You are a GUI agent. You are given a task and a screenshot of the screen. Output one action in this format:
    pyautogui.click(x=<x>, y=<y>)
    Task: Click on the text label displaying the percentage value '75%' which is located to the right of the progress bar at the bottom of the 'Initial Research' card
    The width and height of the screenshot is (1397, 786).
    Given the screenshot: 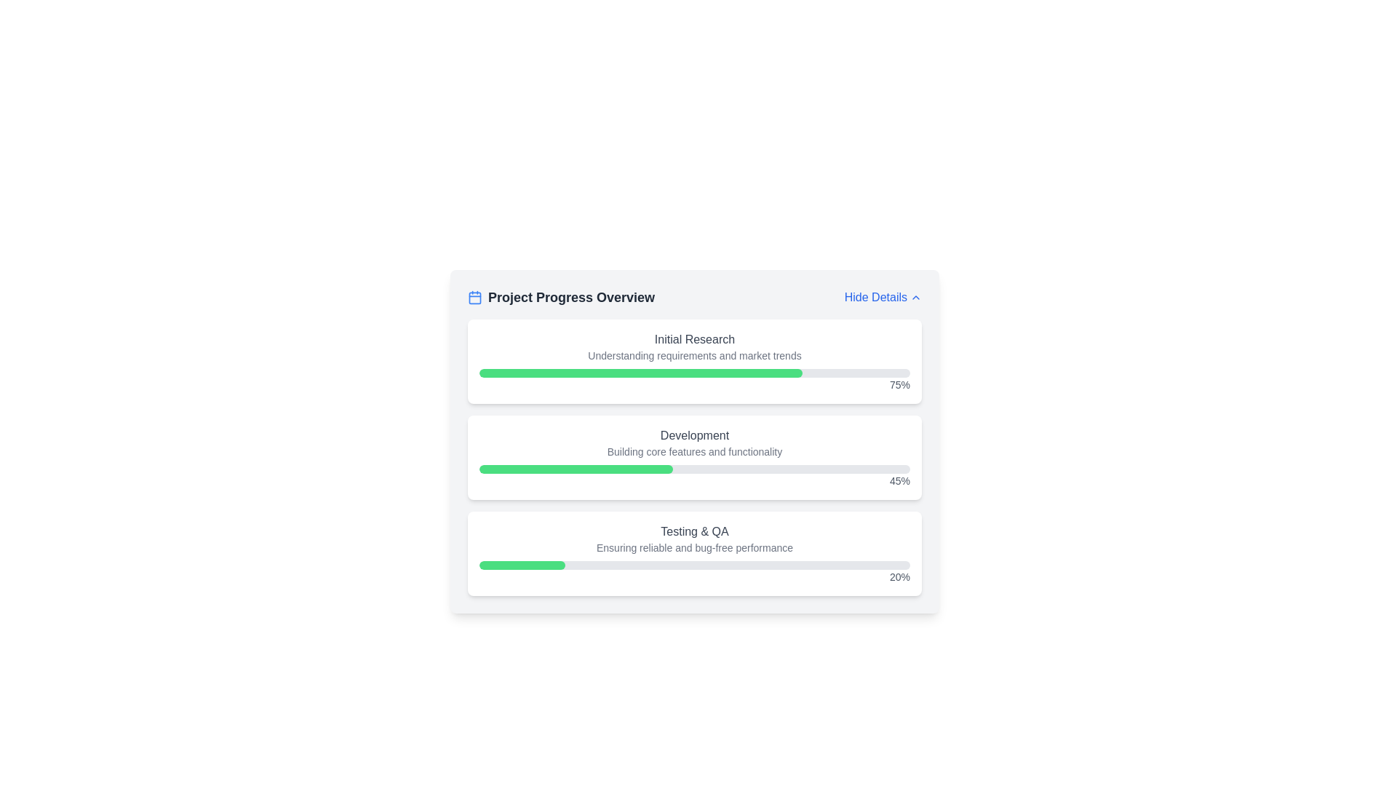 What is the action you would take?
    pyautogui.click(x=694, y=384)
    